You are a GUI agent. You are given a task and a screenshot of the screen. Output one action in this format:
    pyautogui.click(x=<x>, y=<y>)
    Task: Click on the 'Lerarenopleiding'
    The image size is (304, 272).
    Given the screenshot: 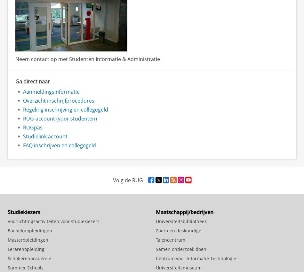 What is the action you would take?
    pyautogui.click(x=26, y=248)
    